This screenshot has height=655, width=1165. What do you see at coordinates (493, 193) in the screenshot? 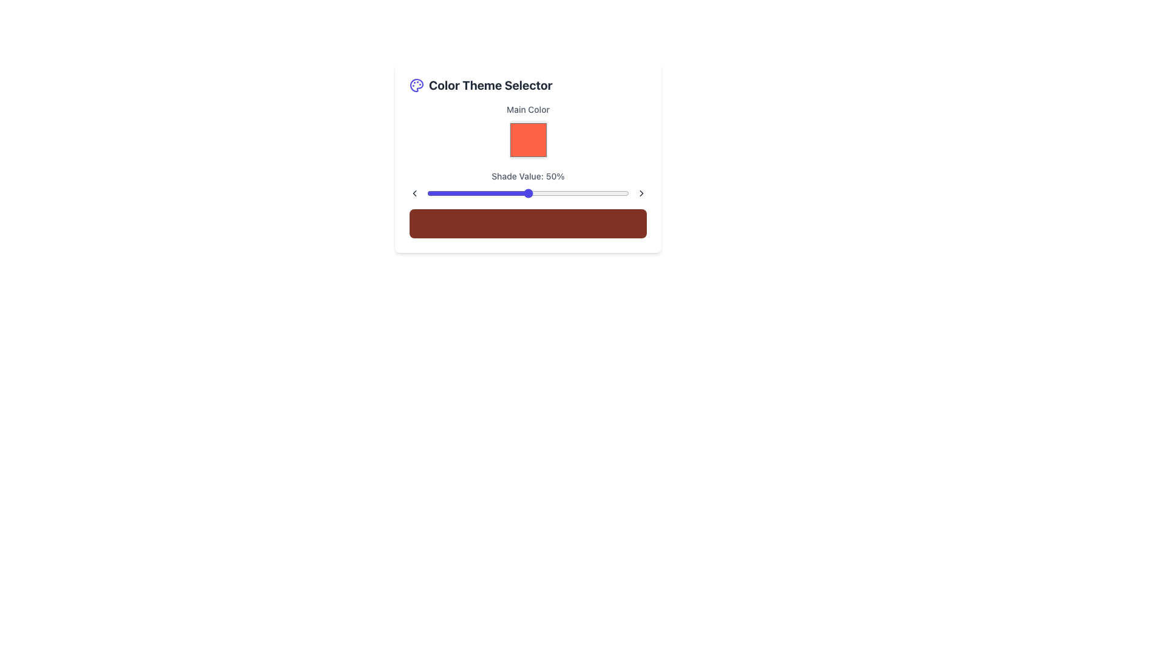
I see `the shade value` at bounding box center [493, 193].